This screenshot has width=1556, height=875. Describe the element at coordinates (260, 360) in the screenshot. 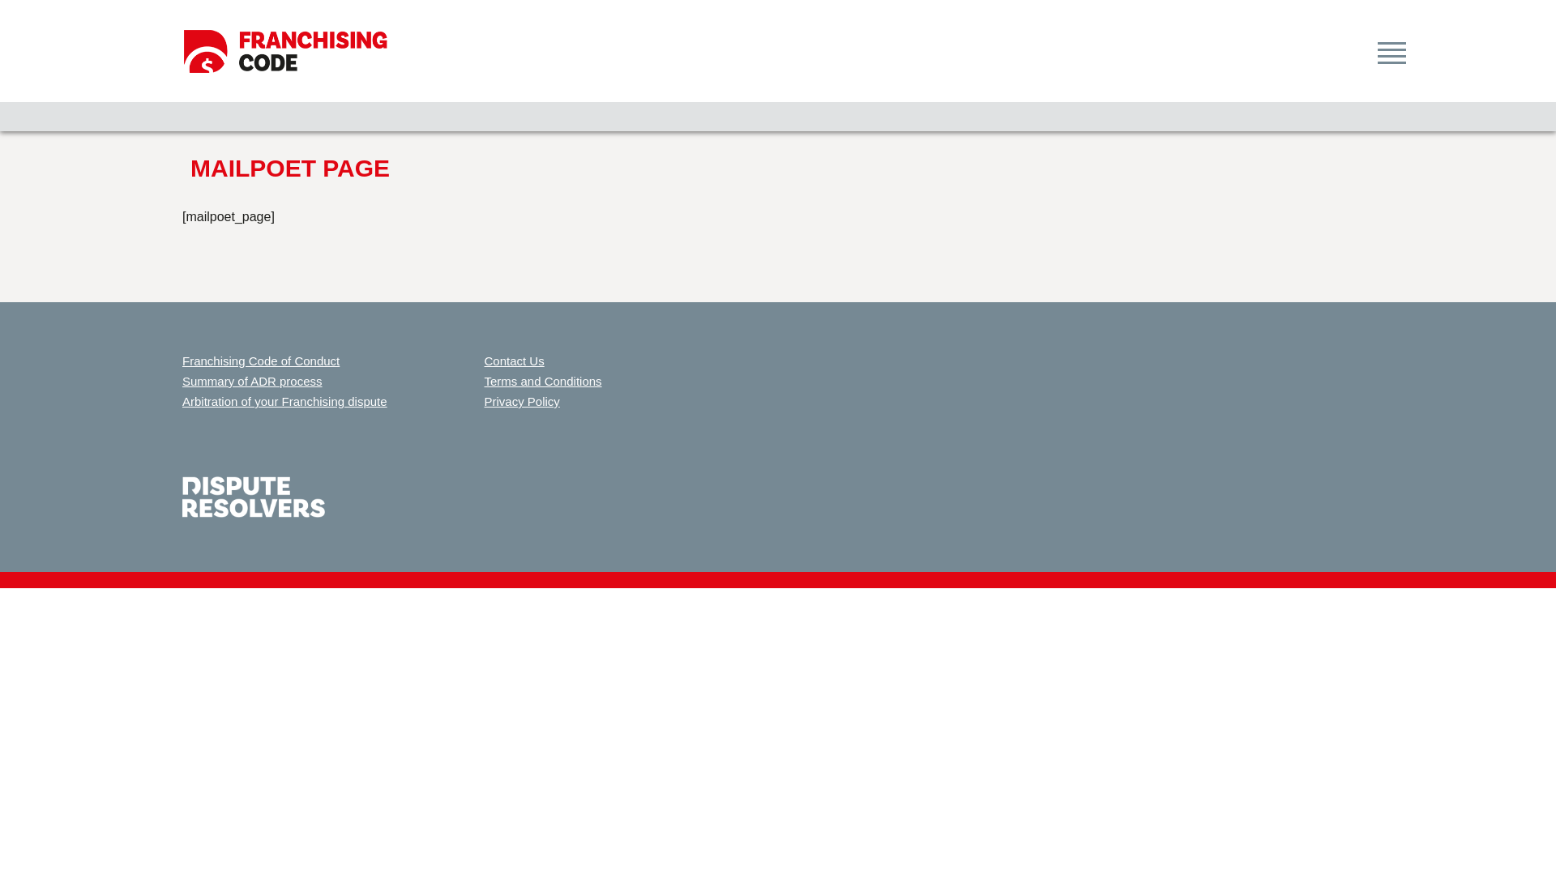

I see `'Franchising Code of Conduct'` at that location.